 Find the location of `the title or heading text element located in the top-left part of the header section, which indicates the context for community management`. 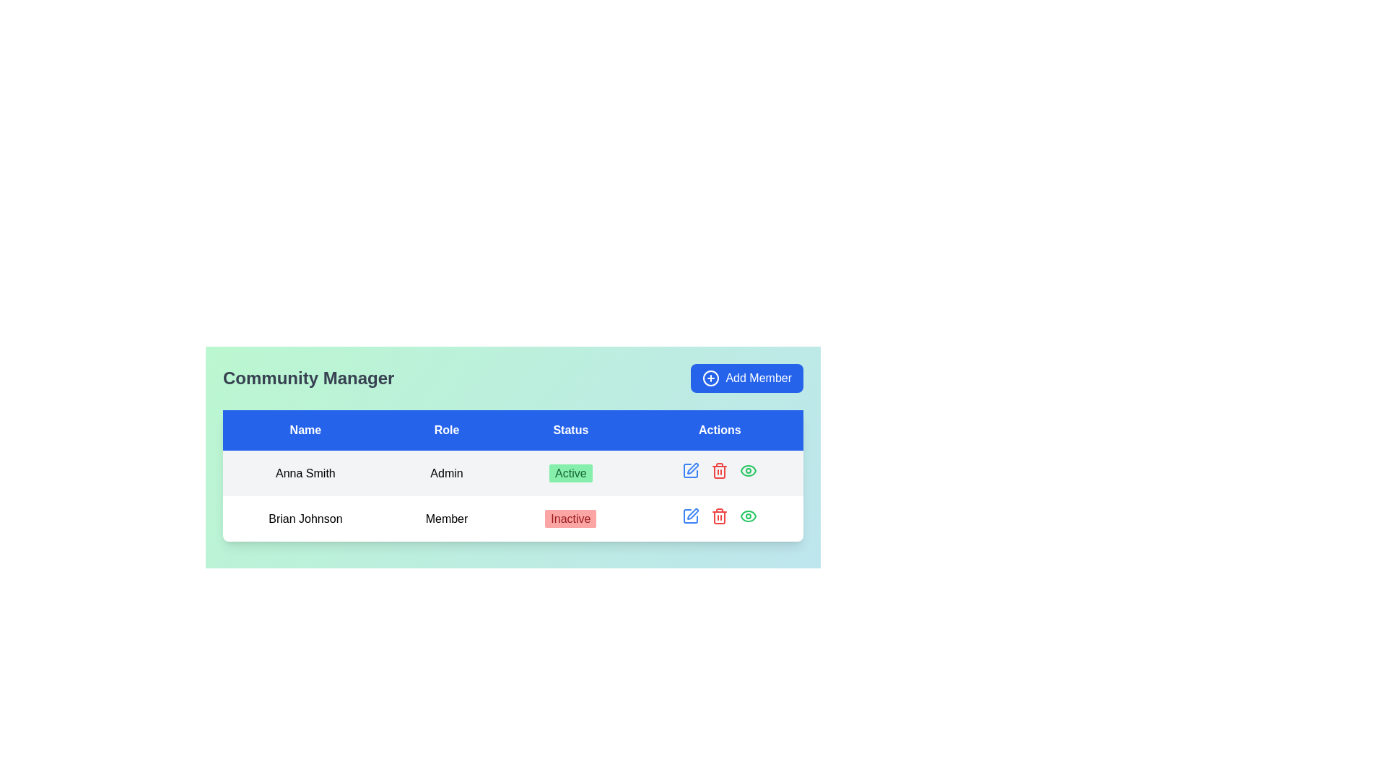

the title or heading text element located in the top-left part of the header section, which indicates the context for community management is located at coordinates (308, 378).